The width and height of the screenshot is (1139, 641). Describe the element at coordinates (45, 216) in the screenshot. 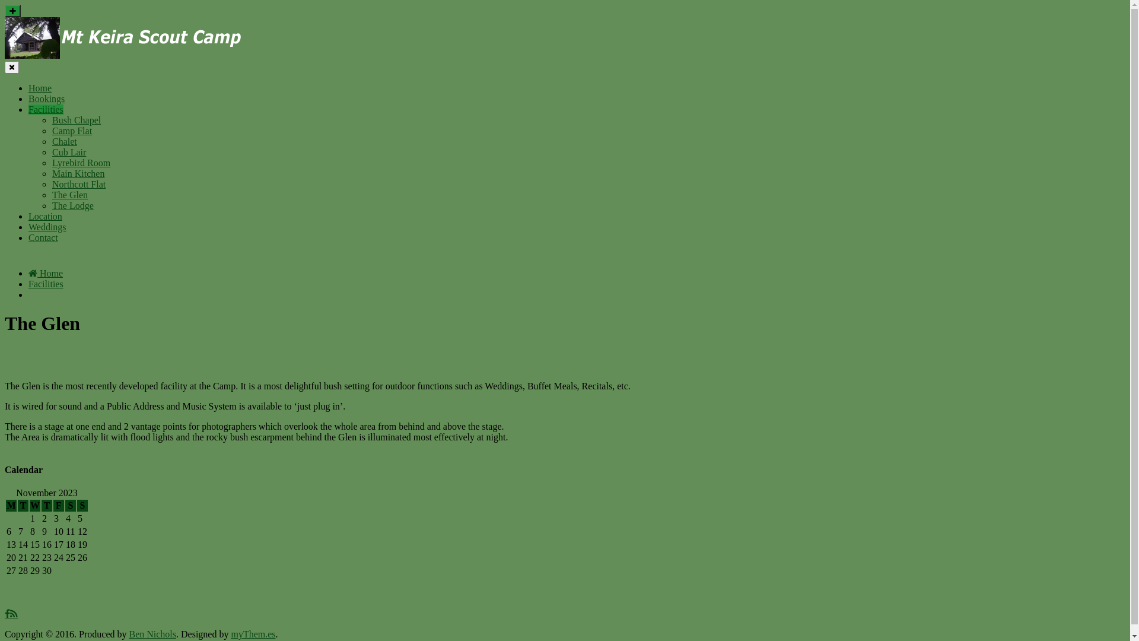

I see `'Location'` at that location.